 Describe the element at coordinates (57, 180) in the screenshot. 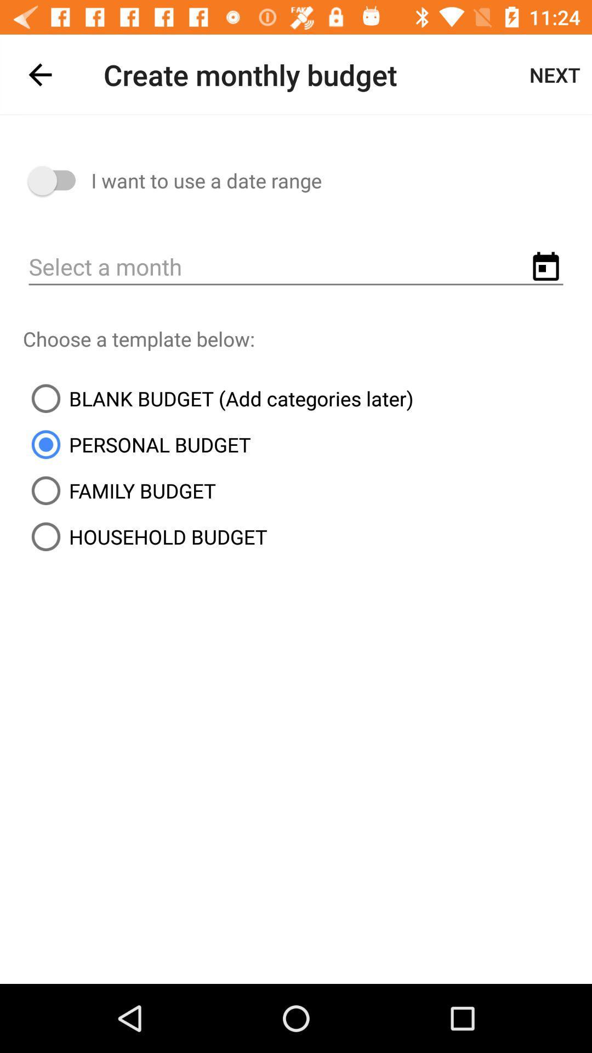

I see `icon next to the i want to item` at that location.